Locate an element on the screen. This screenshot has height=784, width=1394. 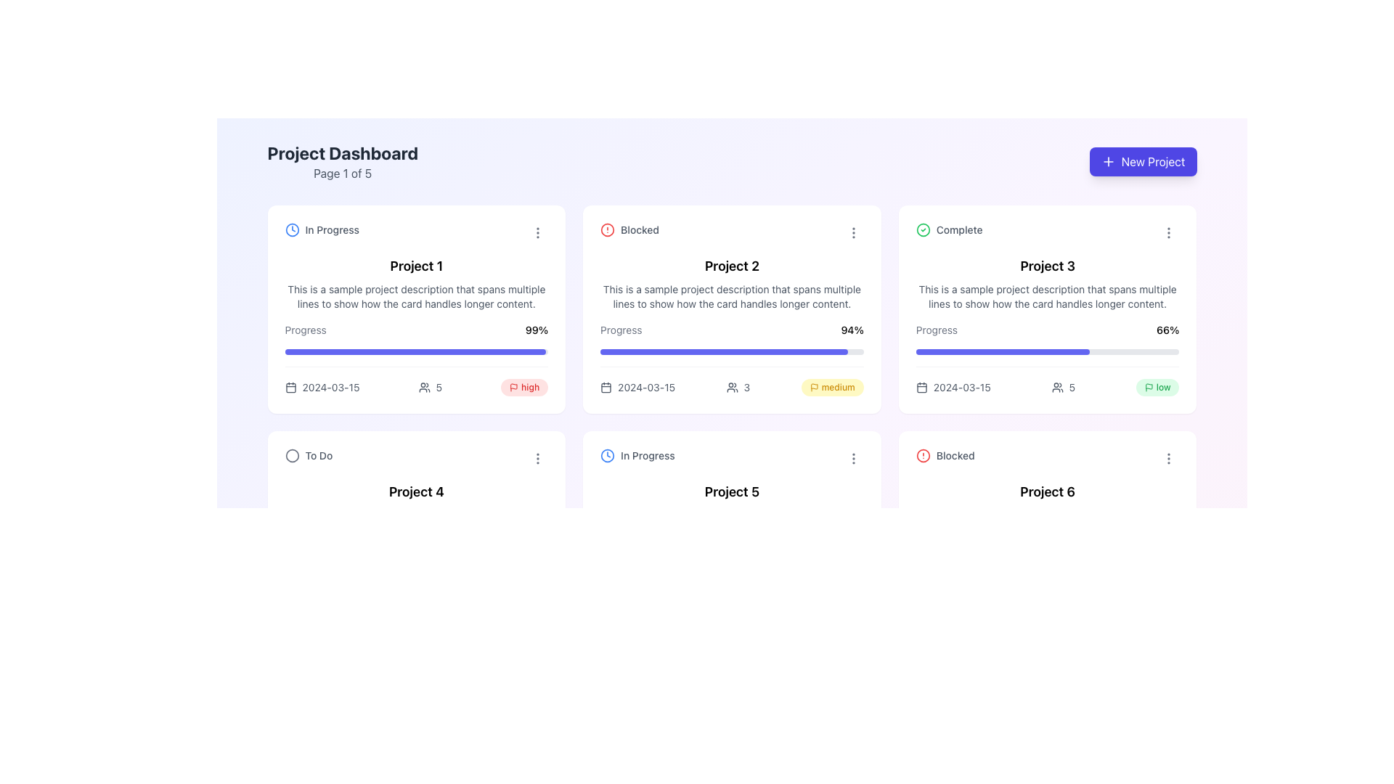
numerical value '5' displayed next to the user group icon in the information row at the bottom center of the 'Project 1' card is located at coordinates (429, 386).